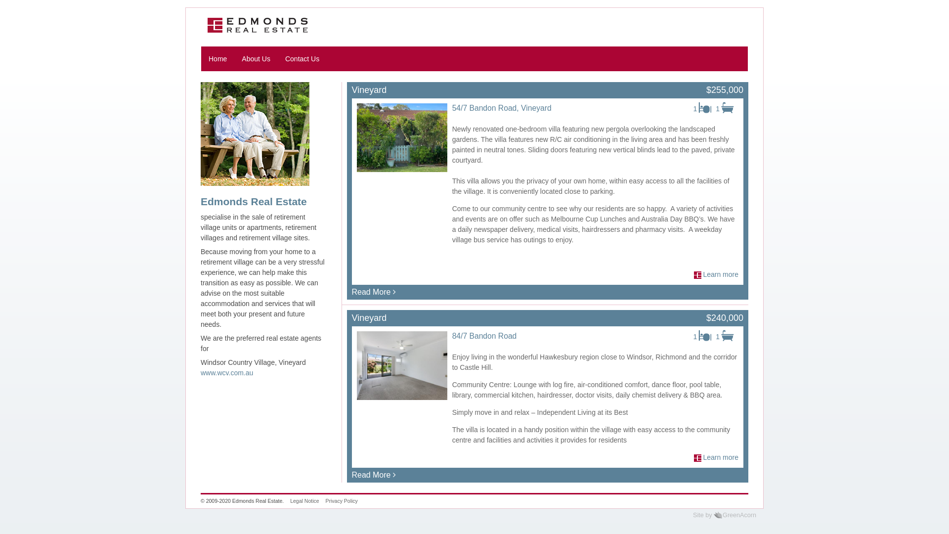 This screenshot has width=949, height=534. Describe the element at coordinates (724, 514) in the screenshot. I see `'Site by GreenAcorn'` at that location.